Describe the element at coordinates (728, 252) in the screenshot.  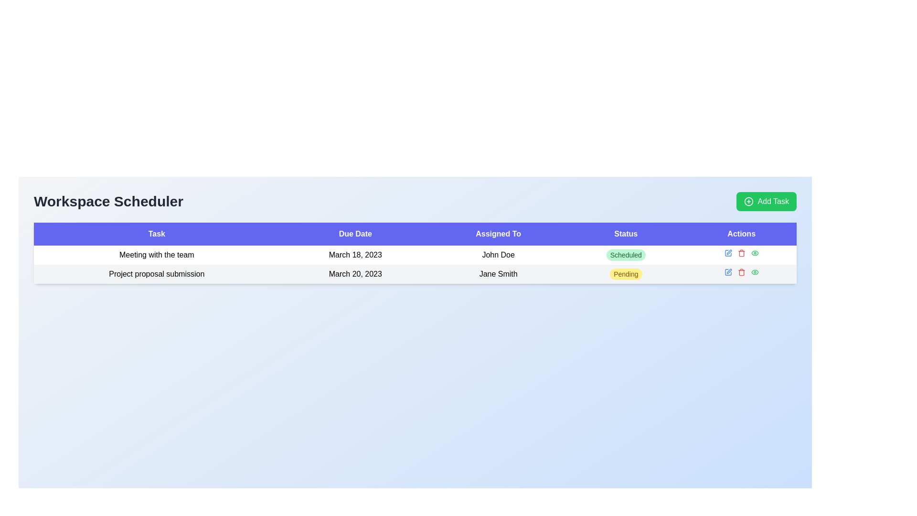
I see `the writing pen icon in the 'Actions' column of the second row to initiate editing for the project proposal submission` at that location.